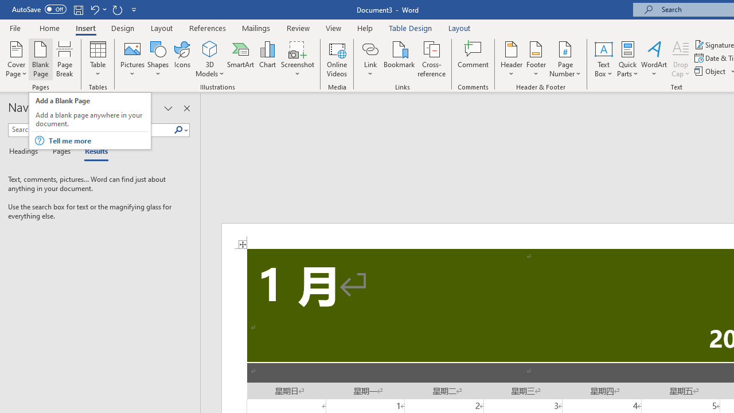 This screenshot has height=413, width=734. Describe the element at coordinates (473, 59) in the screenshot. I see `'Comment'` at that location.